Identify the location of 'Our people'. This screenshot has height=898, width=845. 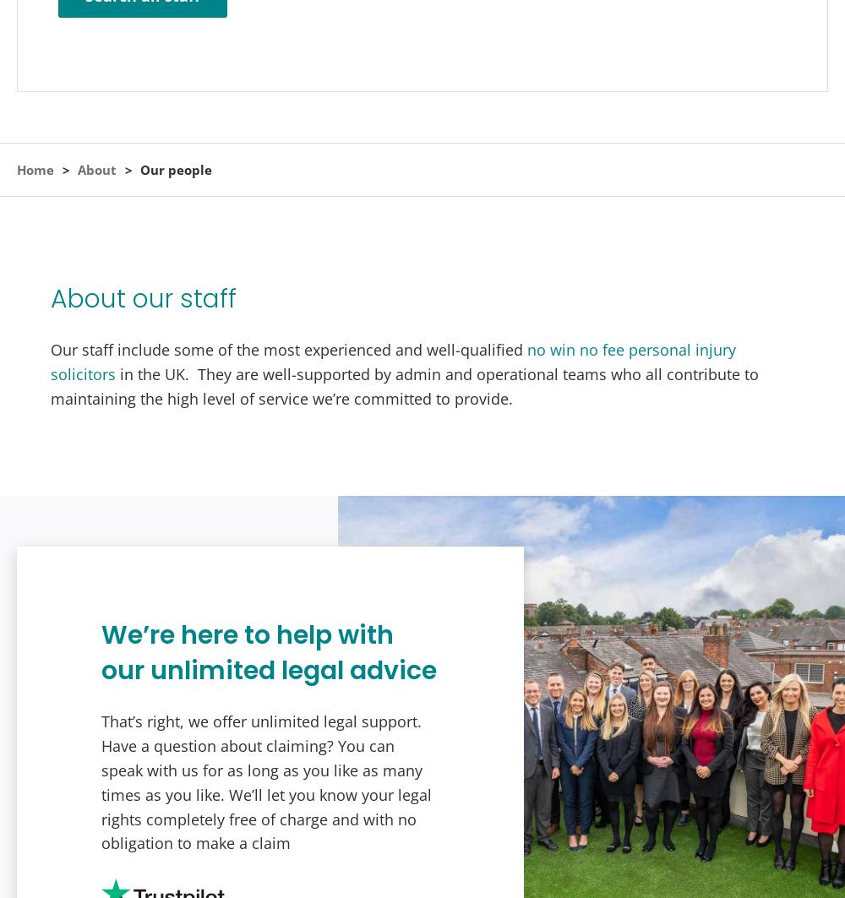
(175, 170).